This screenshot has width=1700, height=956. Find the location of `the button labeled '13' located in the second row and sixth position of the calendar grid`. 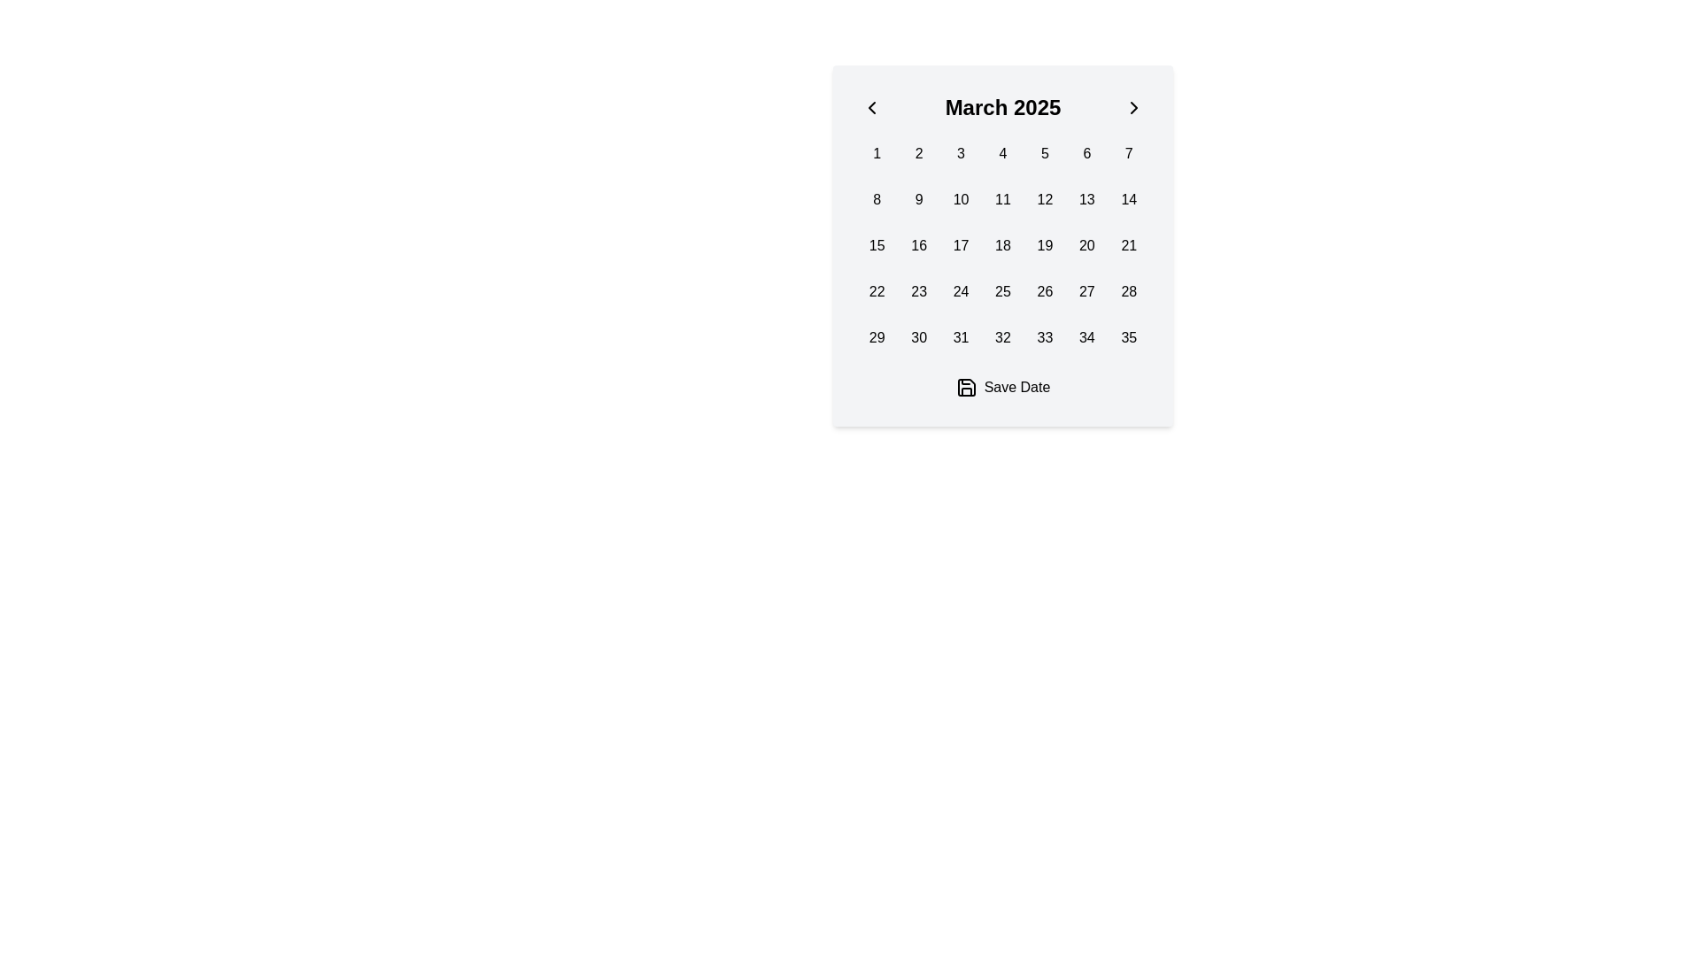

the button labeled '13' located in the second row and sixth position of the calendar grid is located at coordinates (1086, 199).